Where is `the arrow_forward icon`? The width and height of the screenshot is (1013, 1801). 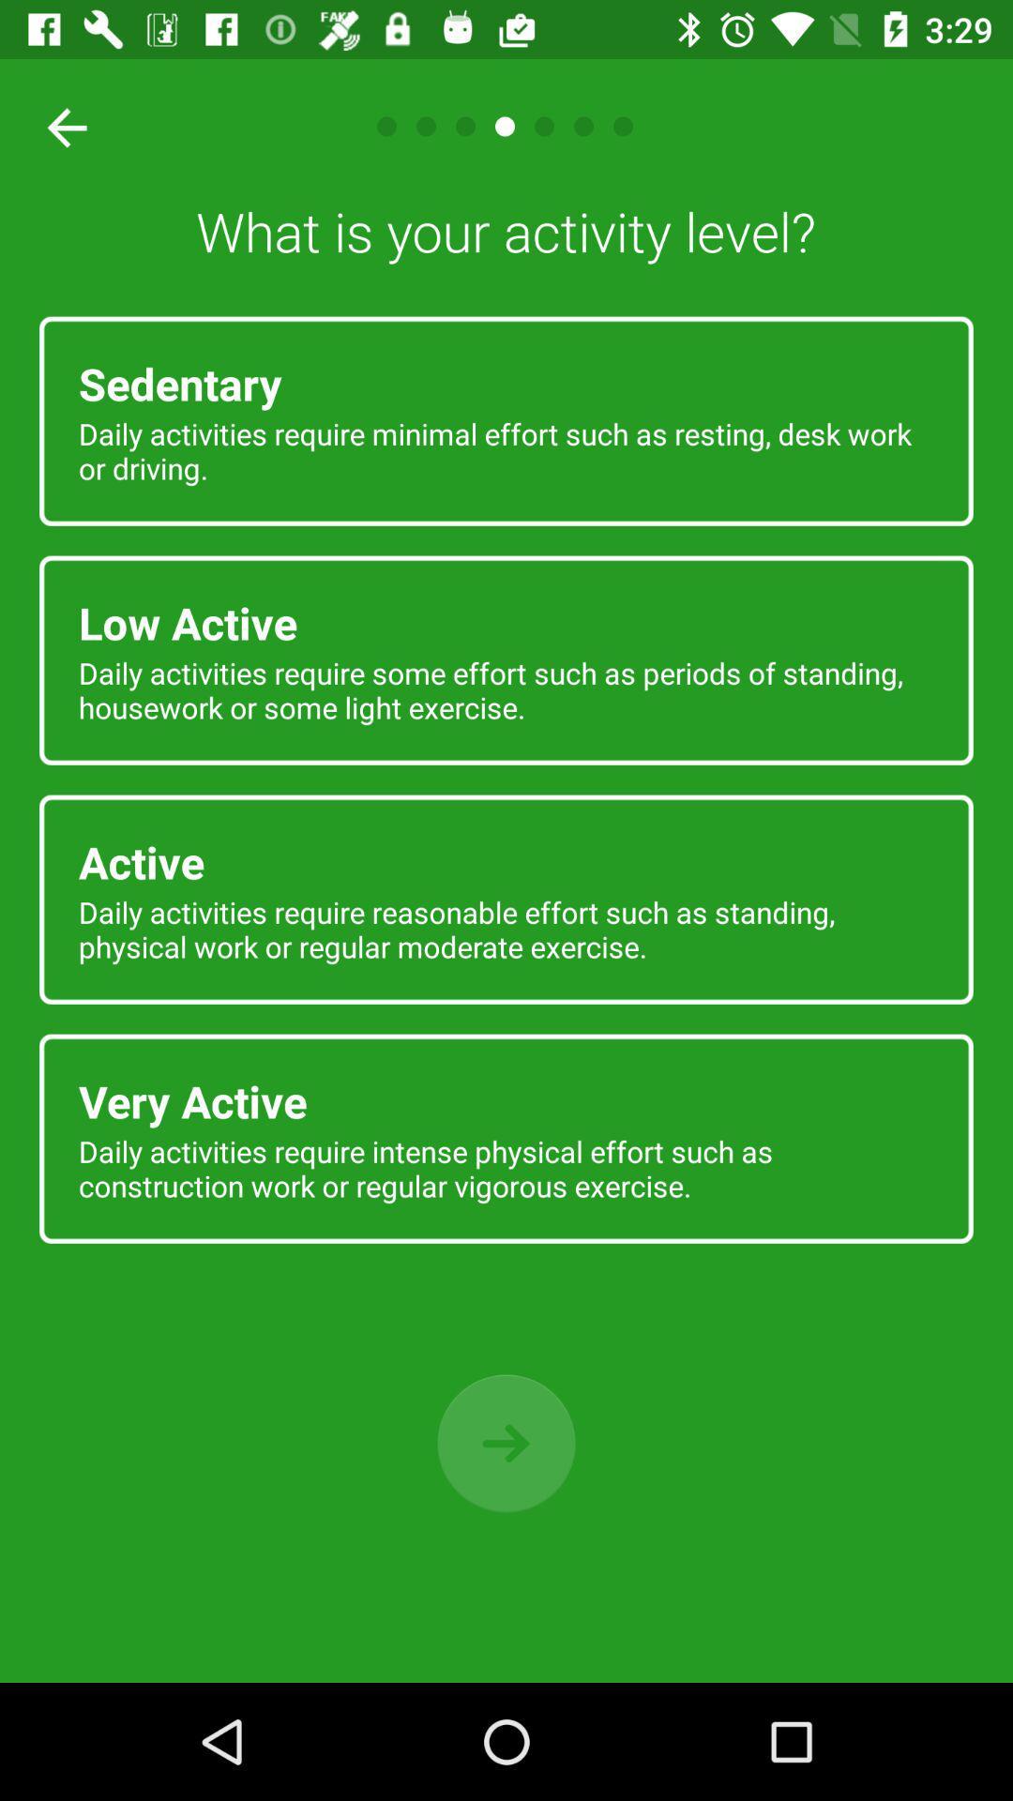 the arrow_forward icon is located at coordinates (506, 1443).